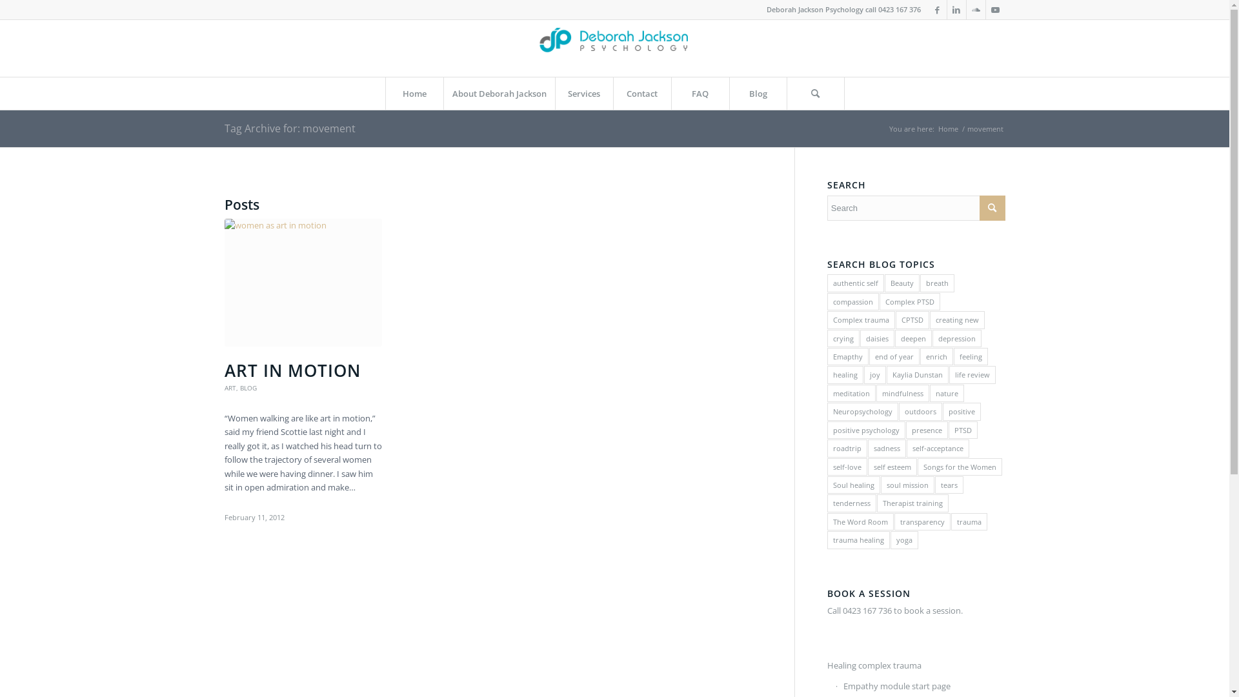 Image resolution: width=1239 pixels, height=697 pixels. What do you see at coordinates (956, 10) in the screenshot?
I see `'LinkedIn'` at bounding box center [956, 10].